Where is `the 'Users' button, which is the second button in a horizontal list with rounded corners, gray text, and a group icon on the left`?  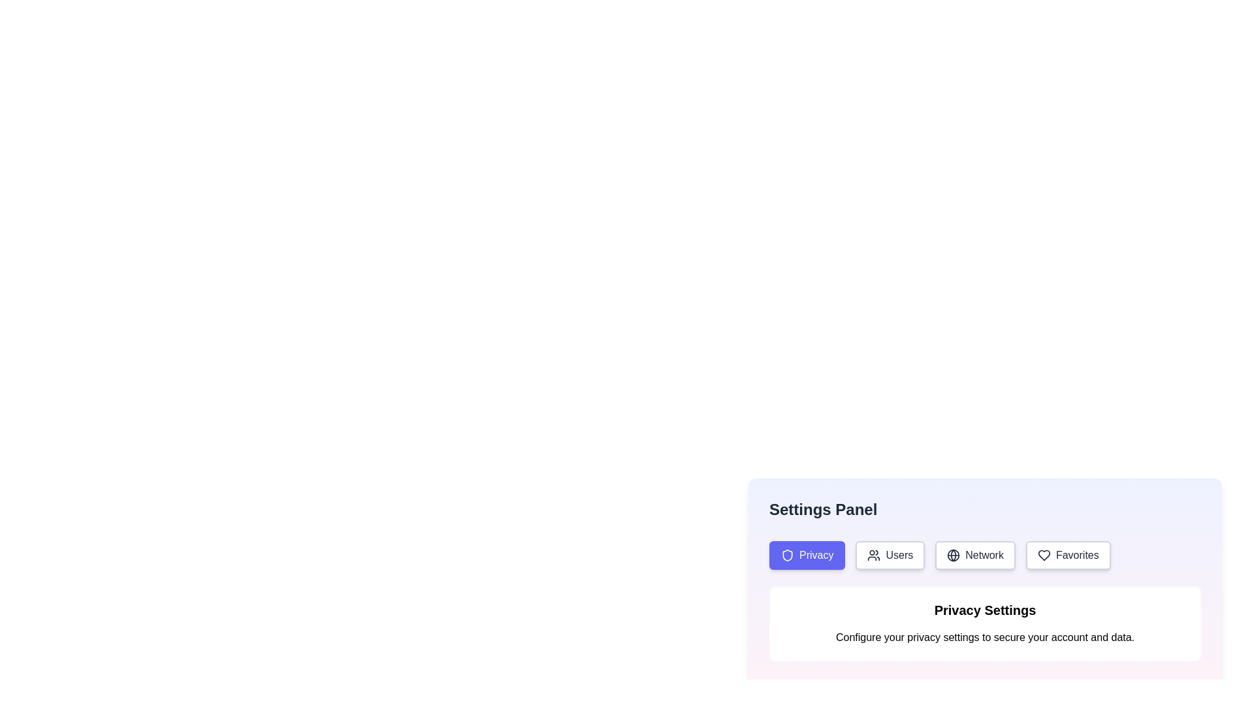 the 'Users' button, which is the second button in a horizontal list with rounded corners, gray text, and a group icon on the left is located at coordinates (890, 556).